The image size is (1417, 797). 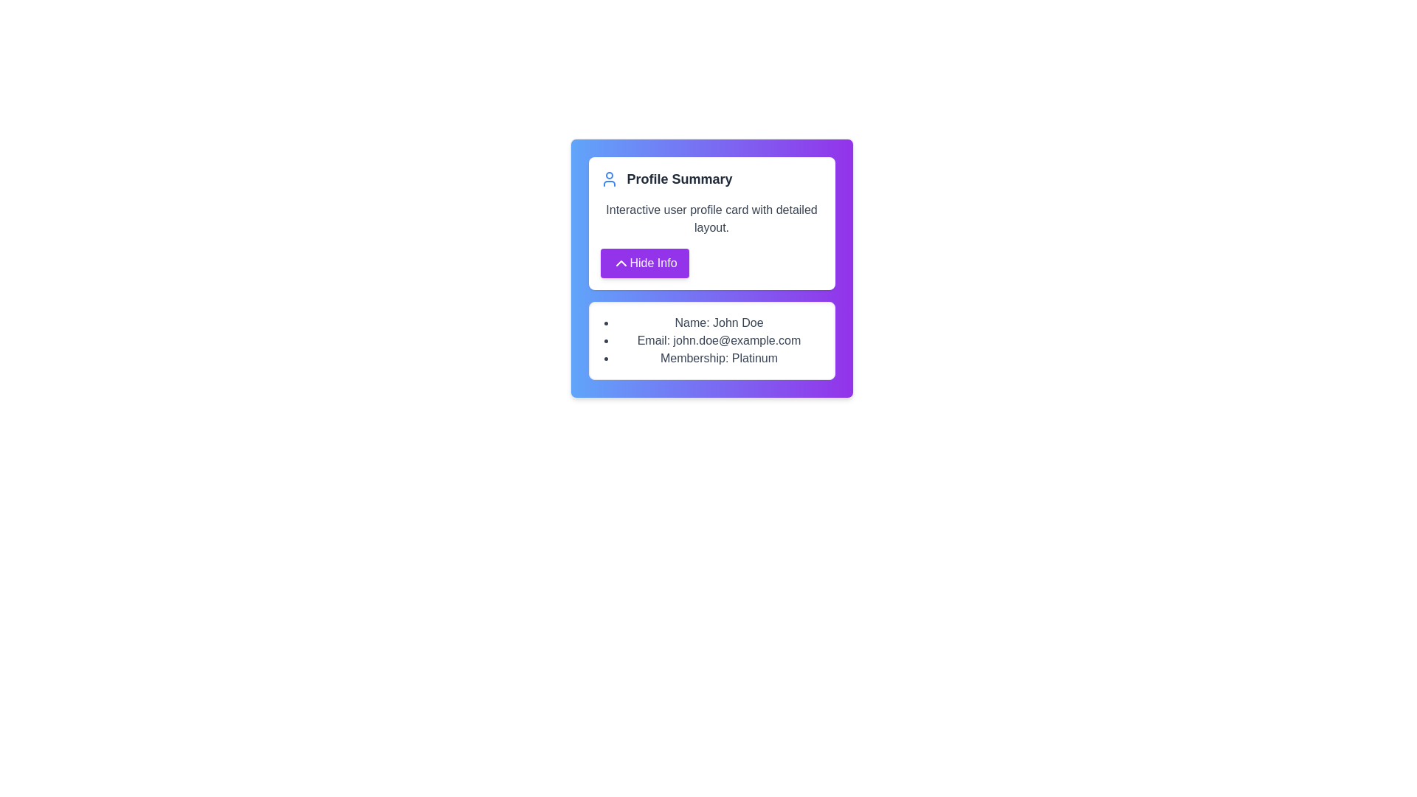 I want to click on the bulleted list containing user profile information including 'Name: John Doe', 'Email: john.doe@example.com', and 'Membership: Platinum', which is located below the 'Profile Summary' section, so click(x=711, y=341).